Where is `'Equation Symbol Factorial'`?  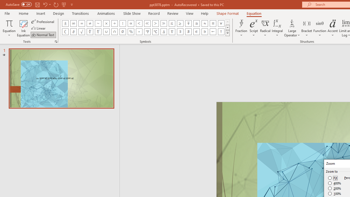 'Equation Symbol Factorial' is located at coordinates (122, 23).